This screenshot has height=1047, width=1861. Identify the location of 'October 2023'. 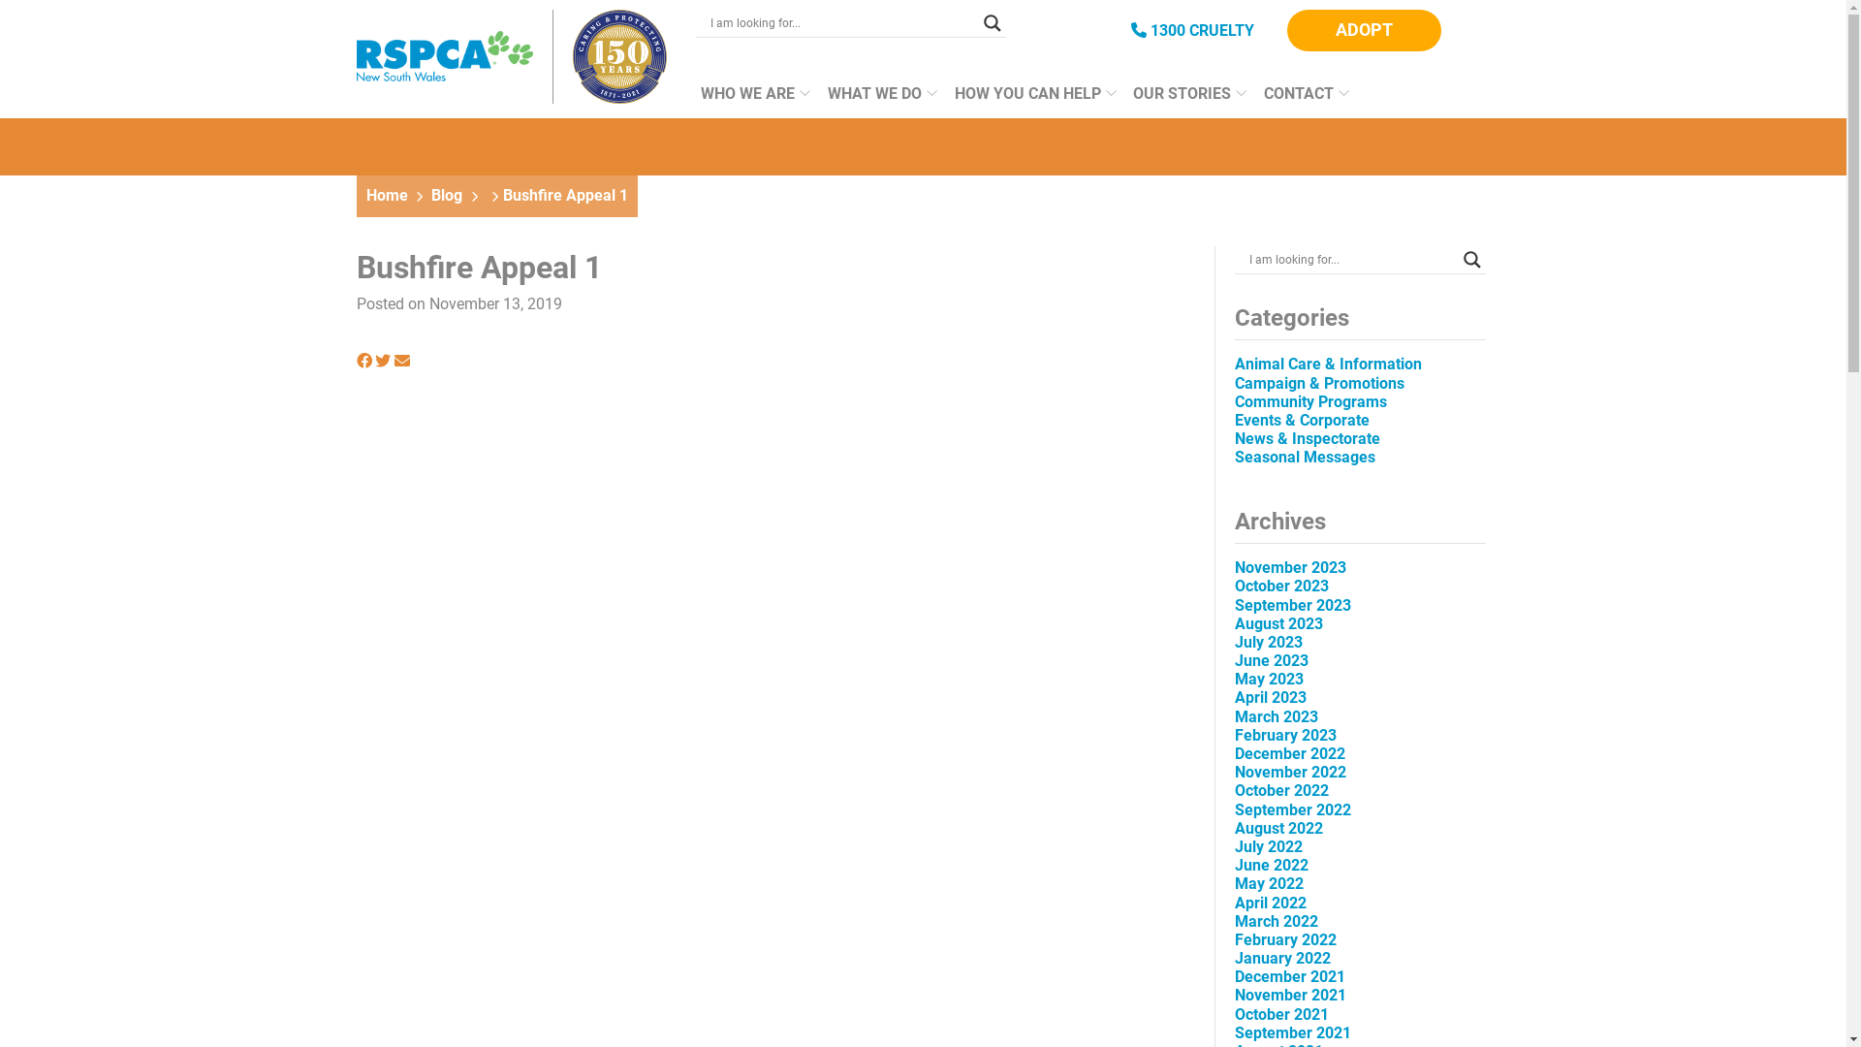
(1281, 585).